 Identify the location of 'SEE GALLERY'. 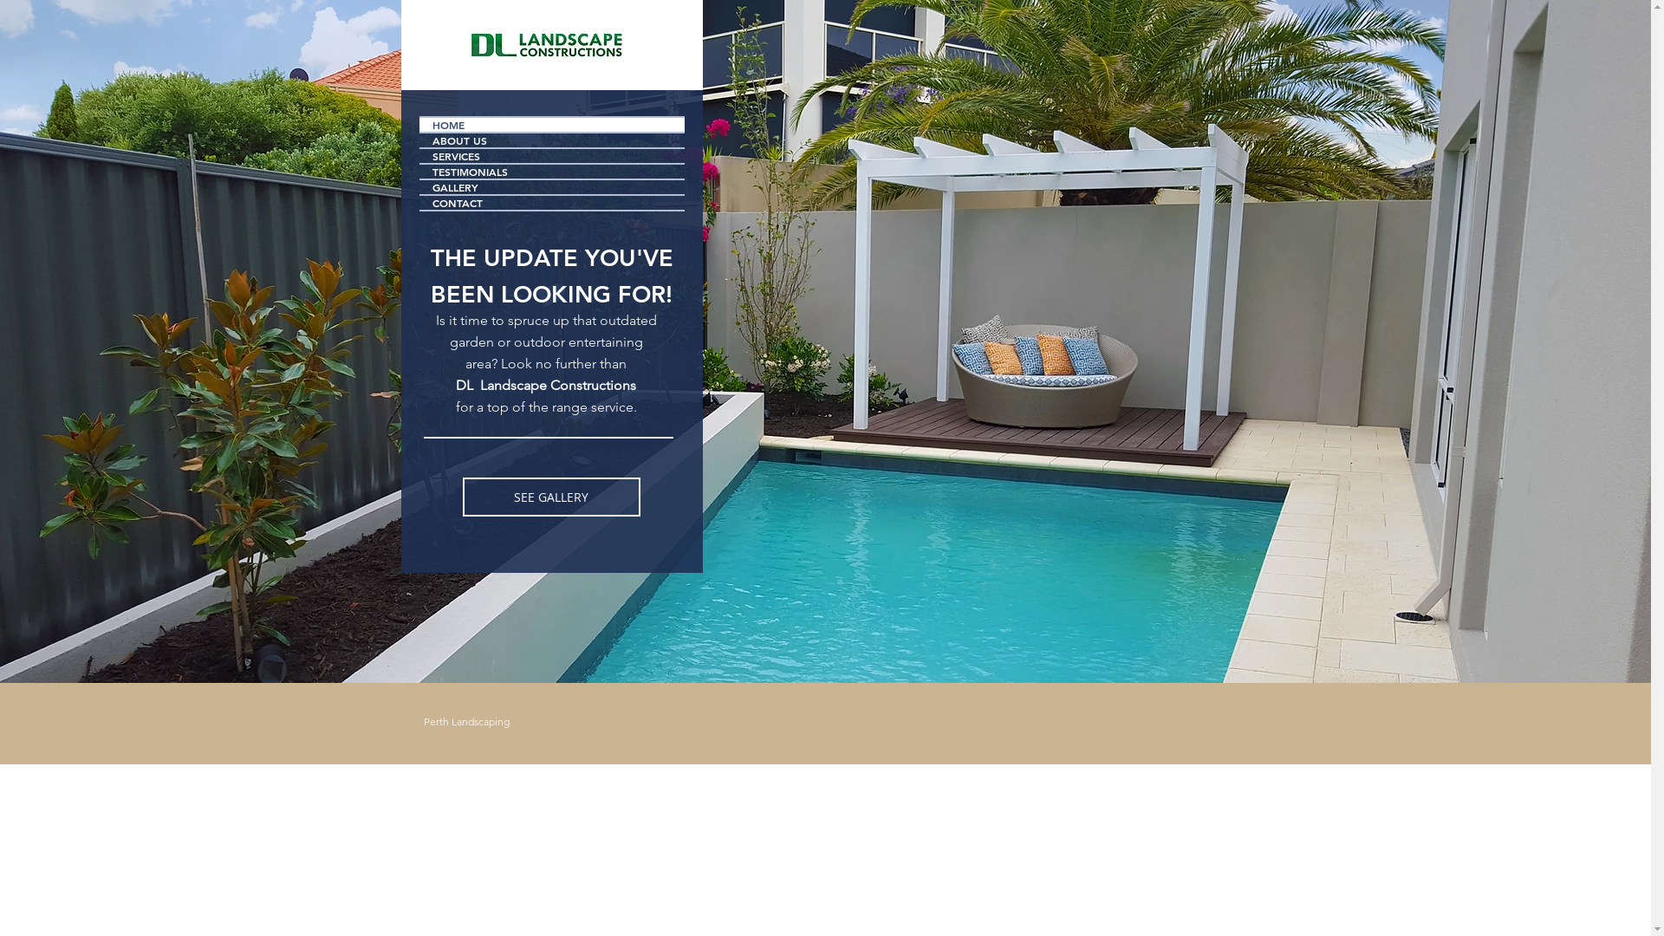
(550, 497).